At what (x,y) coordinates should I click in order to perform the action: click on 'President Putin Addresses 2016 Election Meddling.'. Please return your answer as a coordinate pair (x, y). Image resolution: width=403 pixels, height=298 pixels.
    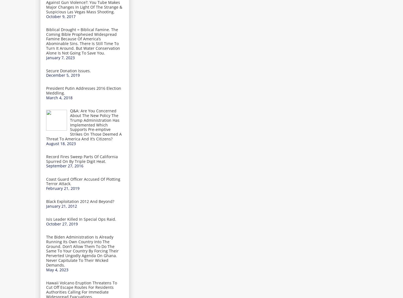
    Looking at the image, I should click on (84, 90).